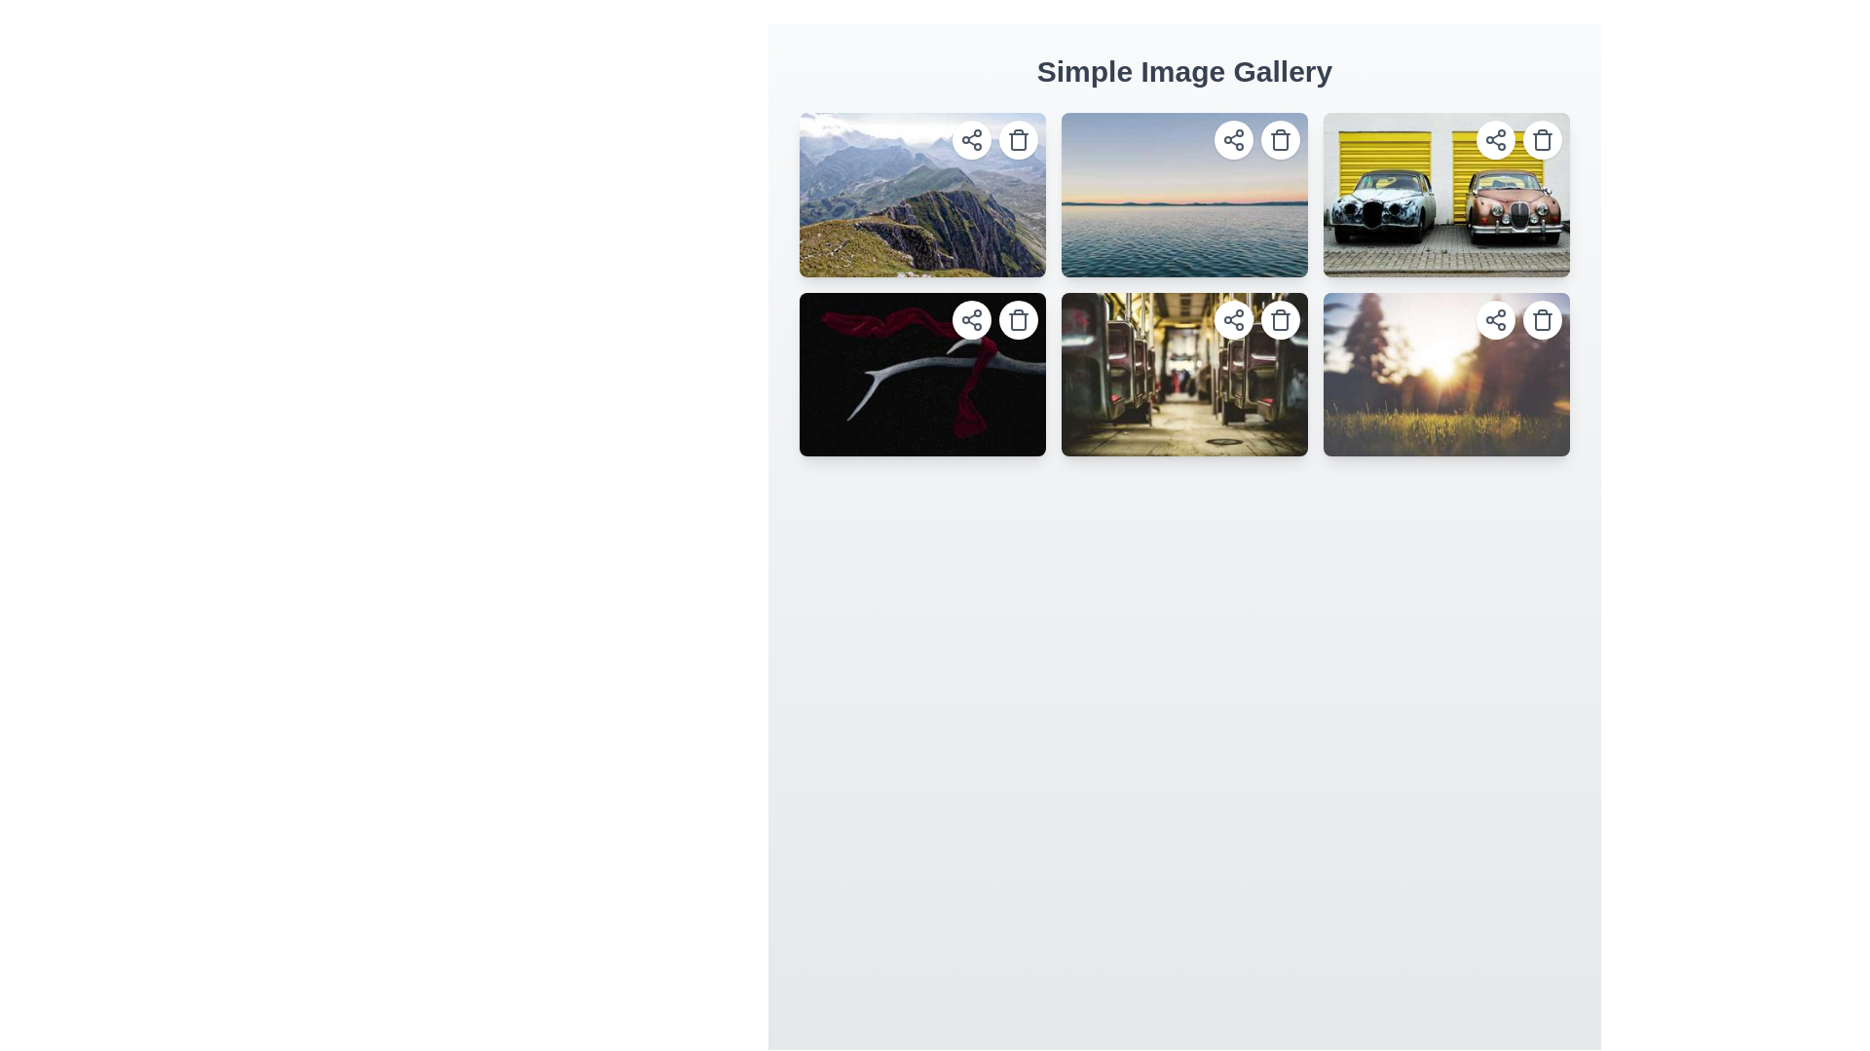  Describe the element at coordinates (1495, 138) in the screenshot. I see `the share button located in the top-right corner of the image card displaying two classic cars` at that location.